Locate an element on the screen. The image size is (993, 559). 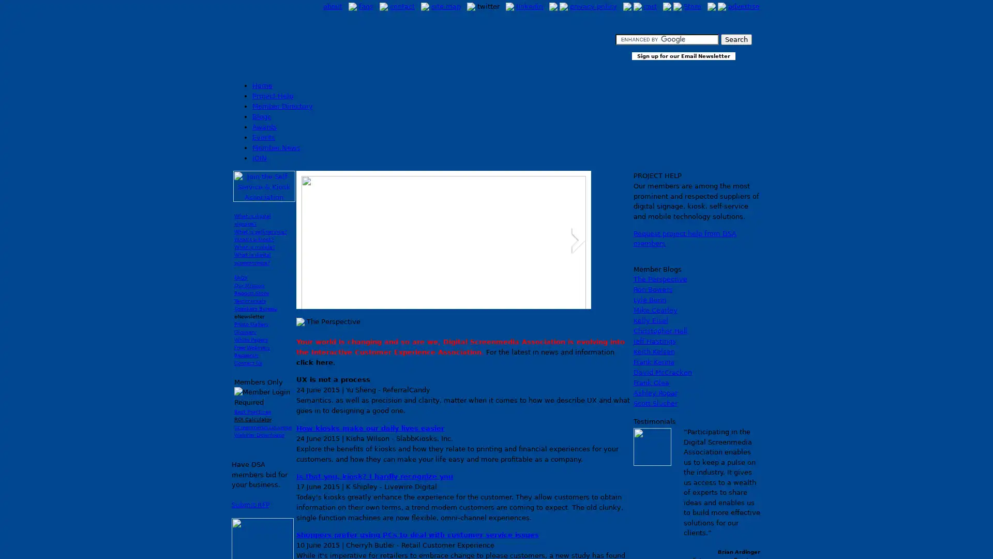
Search is located at coordinates (735, 39).